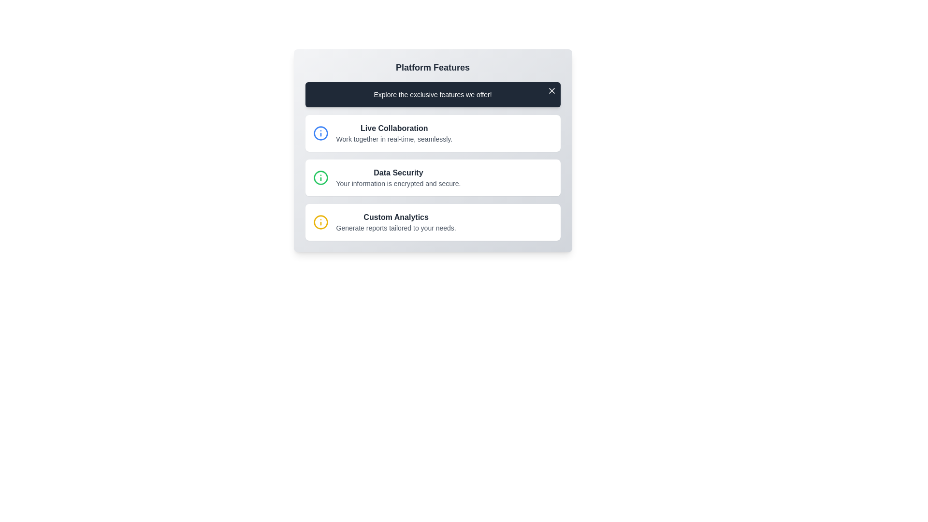  I want to click on the SVG circle element that serves as the outer border of the graphical icon located to the left of the 'Data Security' label in the vertical list of features, so click(320, 133).